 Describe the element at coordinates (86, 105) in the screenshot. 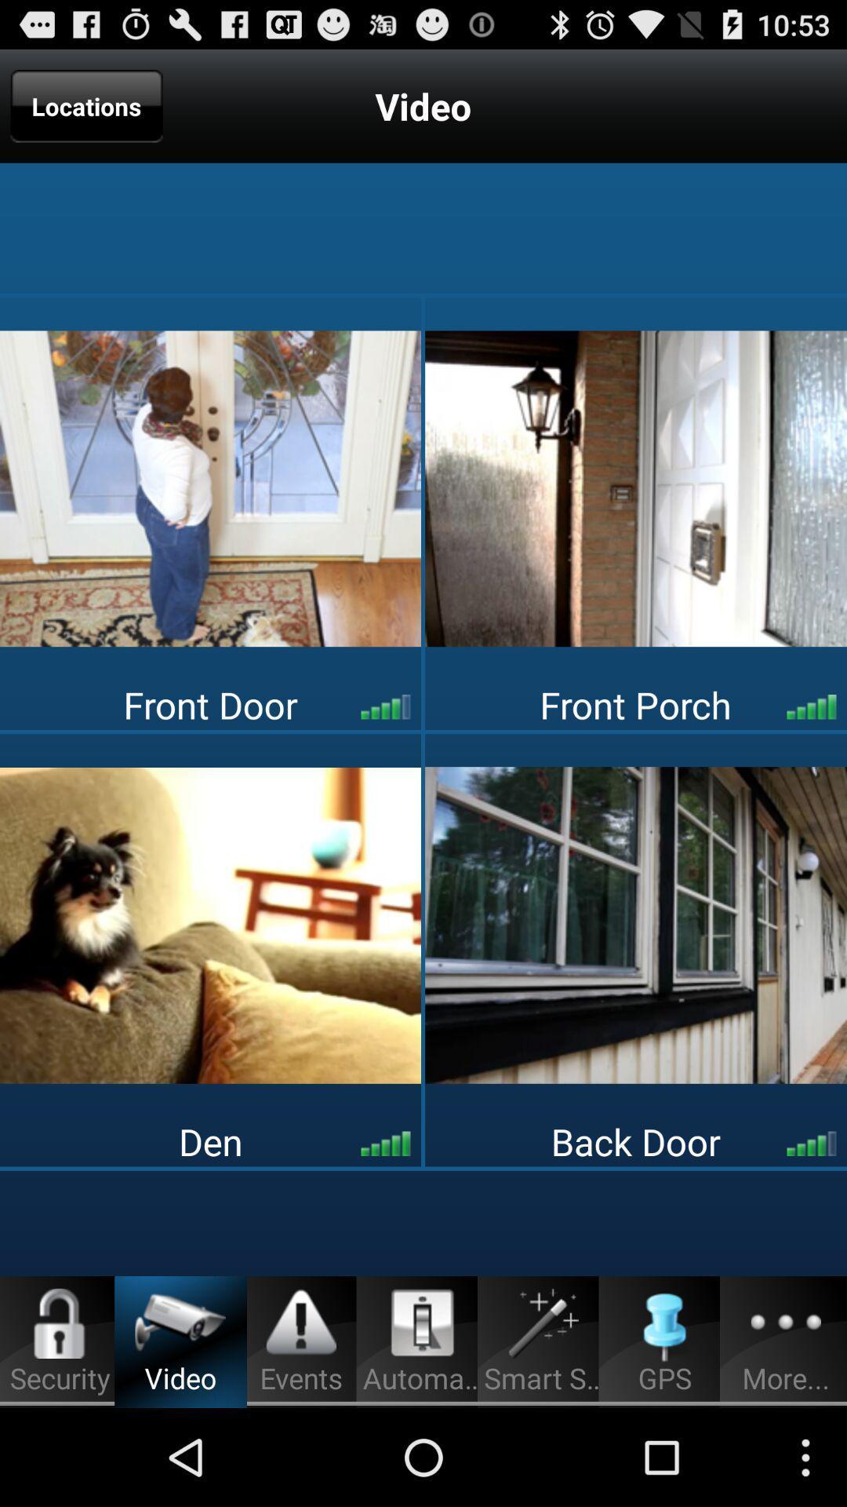

I see `item to the left of video item` at that location.